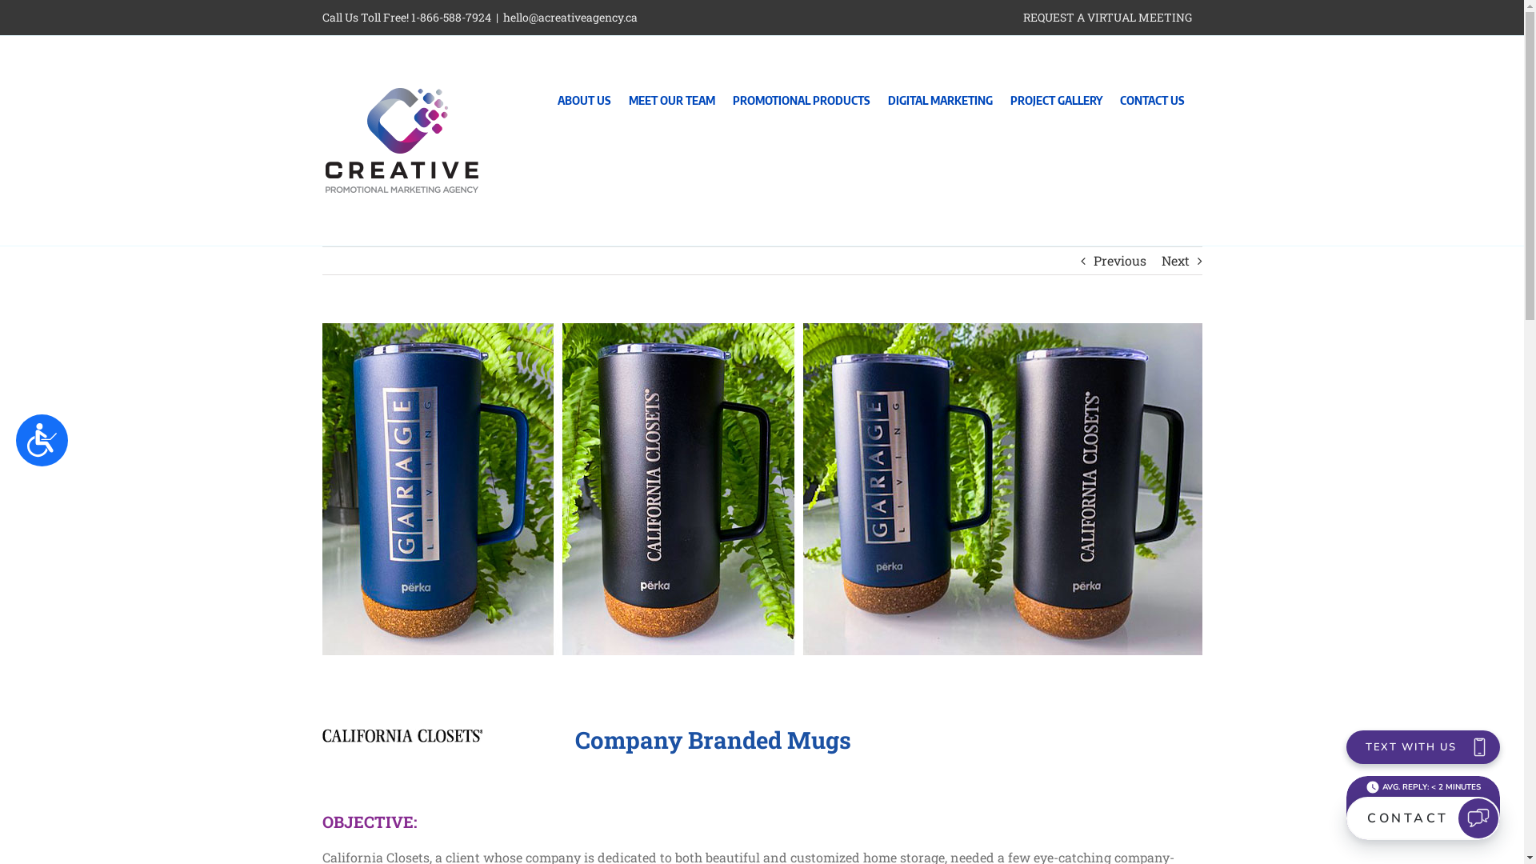 The height and width of the screenshot is (864, 1536). Describe the element at coordinates (569, 17) in the screenshot. I see `'hello@acreativeagency.ca'` at that location.